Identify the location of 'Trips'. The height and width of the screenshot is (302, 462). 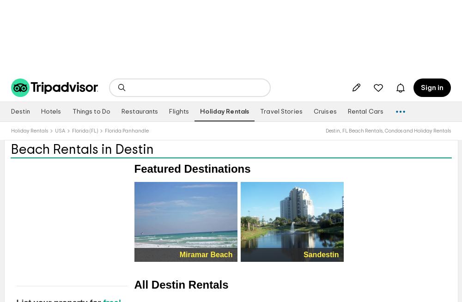
(387, 92).